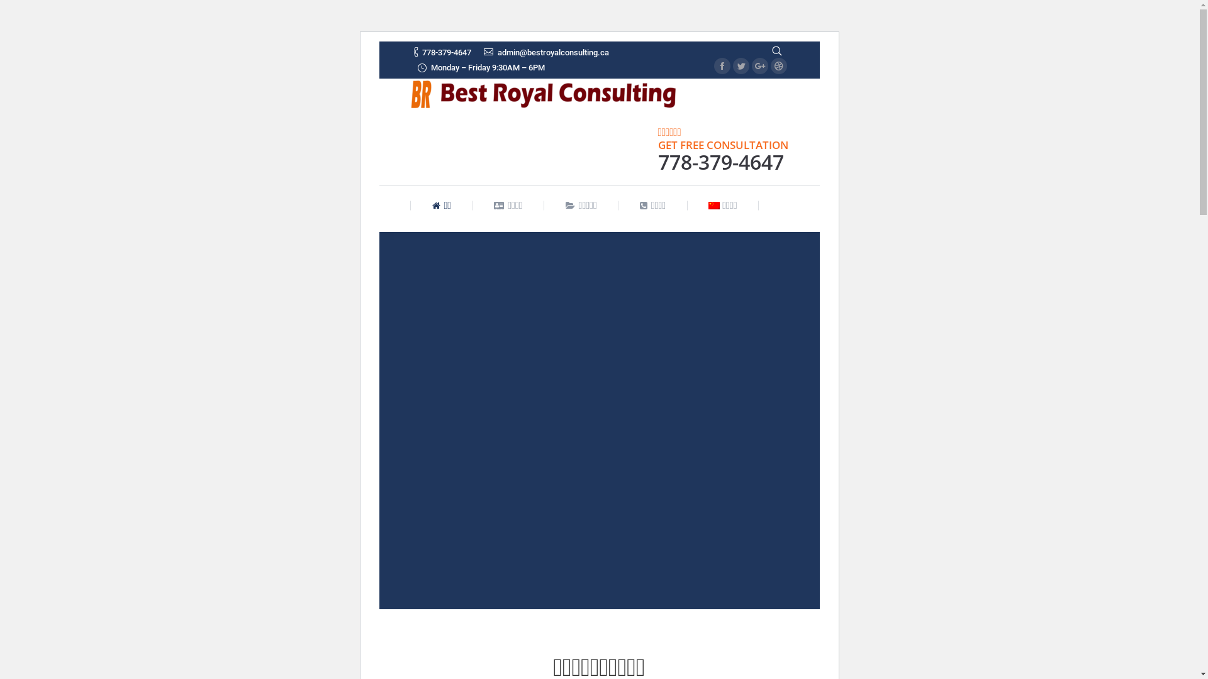 The image size is (1208, 679). Describe the element at coordinates (722, 65) in the screenshot. I see `'Facebook'` at that location.